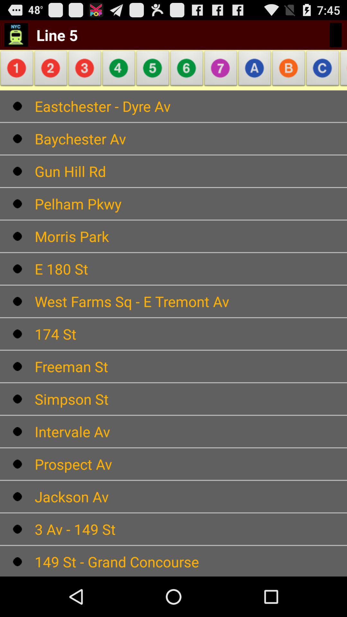 This screenshot has height=617, width=347. What do you see at coordinates (16, 34) in the screenshot?
I see `item next to the line 5 icon` at bounding box center [16, 34].